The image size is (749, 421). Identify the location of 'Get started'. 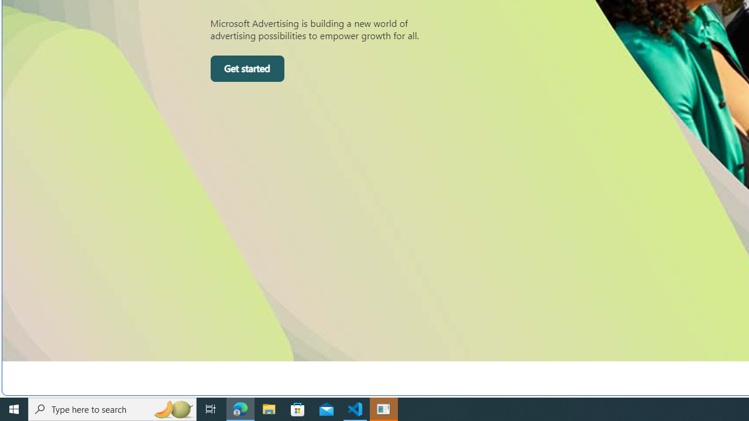
(246, 69).